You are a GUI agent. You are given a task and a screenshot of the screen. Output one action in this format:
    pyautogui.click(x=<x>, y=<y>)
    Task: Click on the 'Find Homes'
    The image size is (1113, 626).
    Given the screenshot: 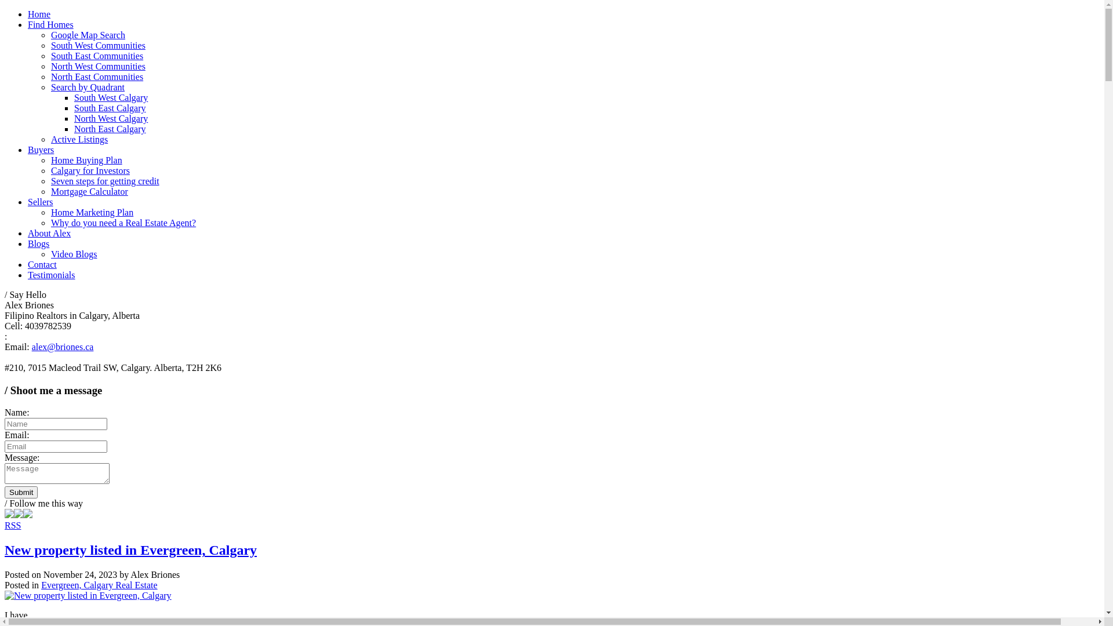 What is the action you would take?
    pyautogui.click(x=50, y=24)
    